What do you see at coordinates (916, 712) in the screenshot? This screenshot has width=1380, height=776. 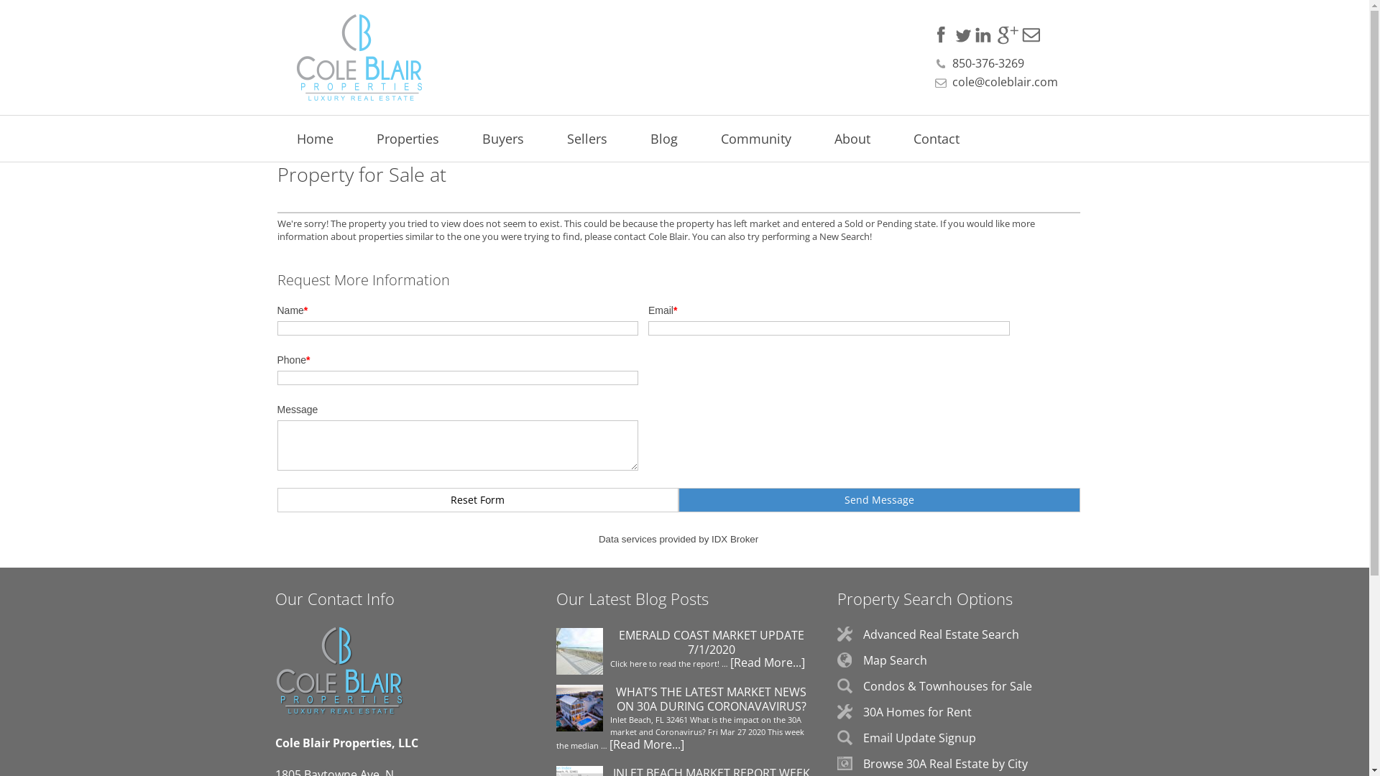 I see `'30A Homes for Rent'` at bounding box center [916, 712].